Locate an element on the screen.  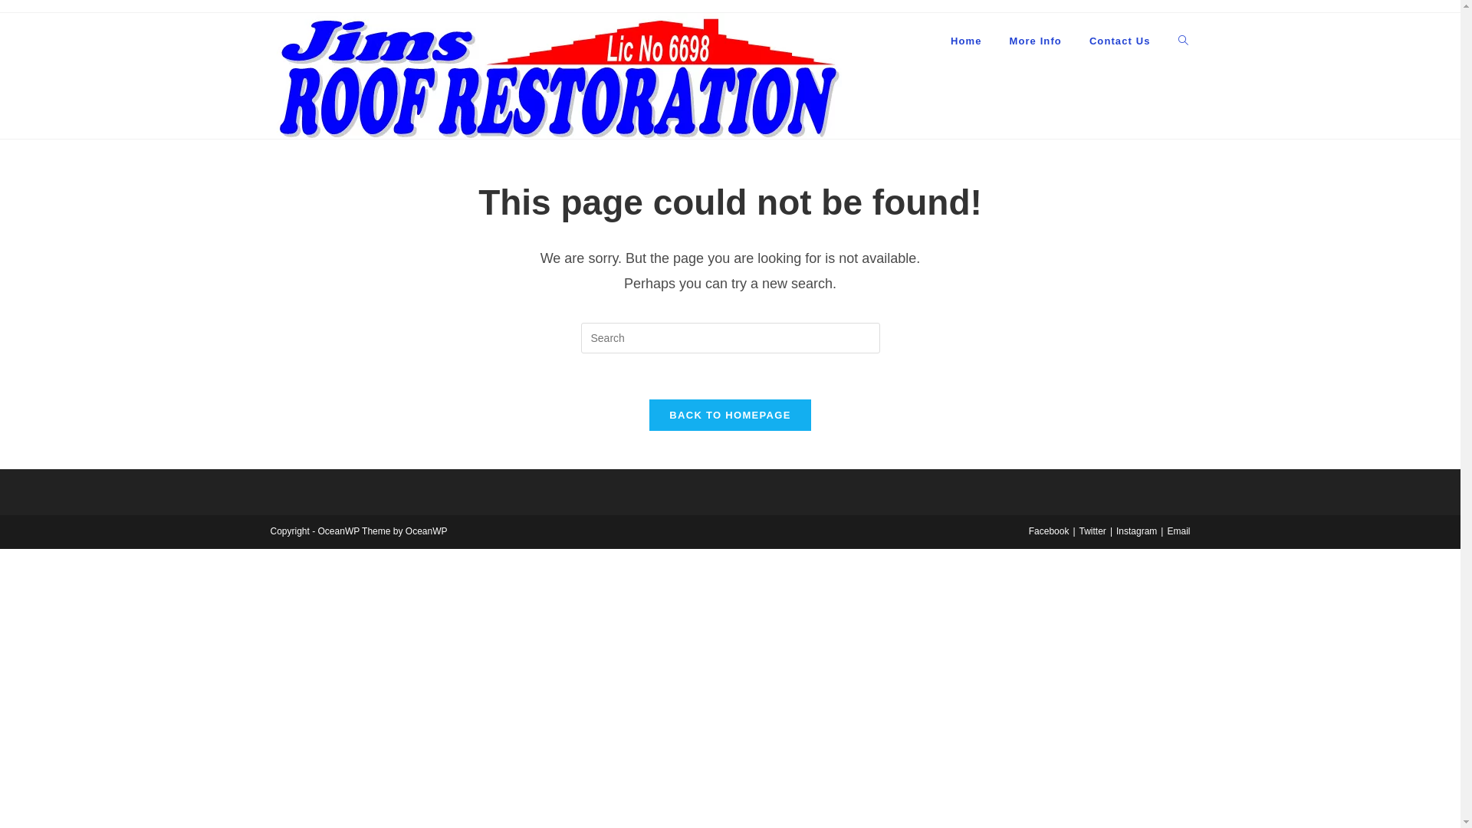
'Home' is located at coordinates (936, 41).